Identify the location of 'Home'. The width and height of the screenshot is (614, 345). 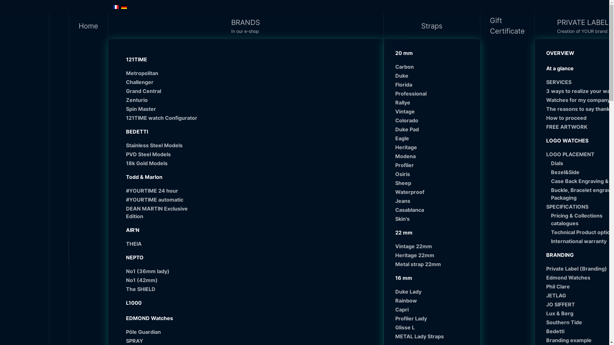
(88, 26).